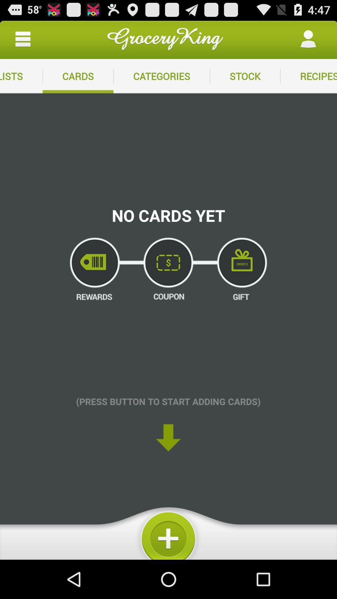 The width and height of the screenshot is (337, 599). Describe the element at coordinates (22, 39) in the screenshot. I see `icon to the left of the cards icon` at that location.